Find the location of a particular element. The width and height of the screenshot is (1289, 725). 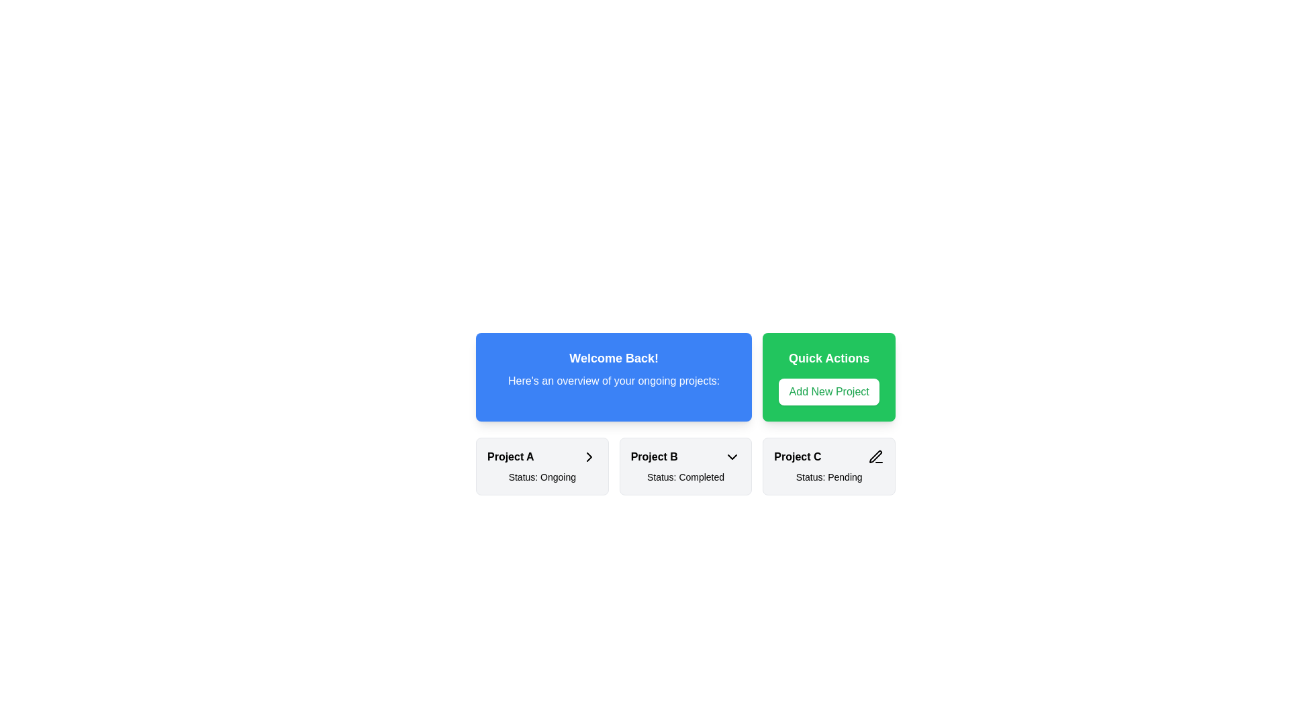

text label that serves as the title for the project card, specifically identifying it as 'Project B', located above the status text 'Status: Completed' in the second project card is located at coordinates (654, 456).